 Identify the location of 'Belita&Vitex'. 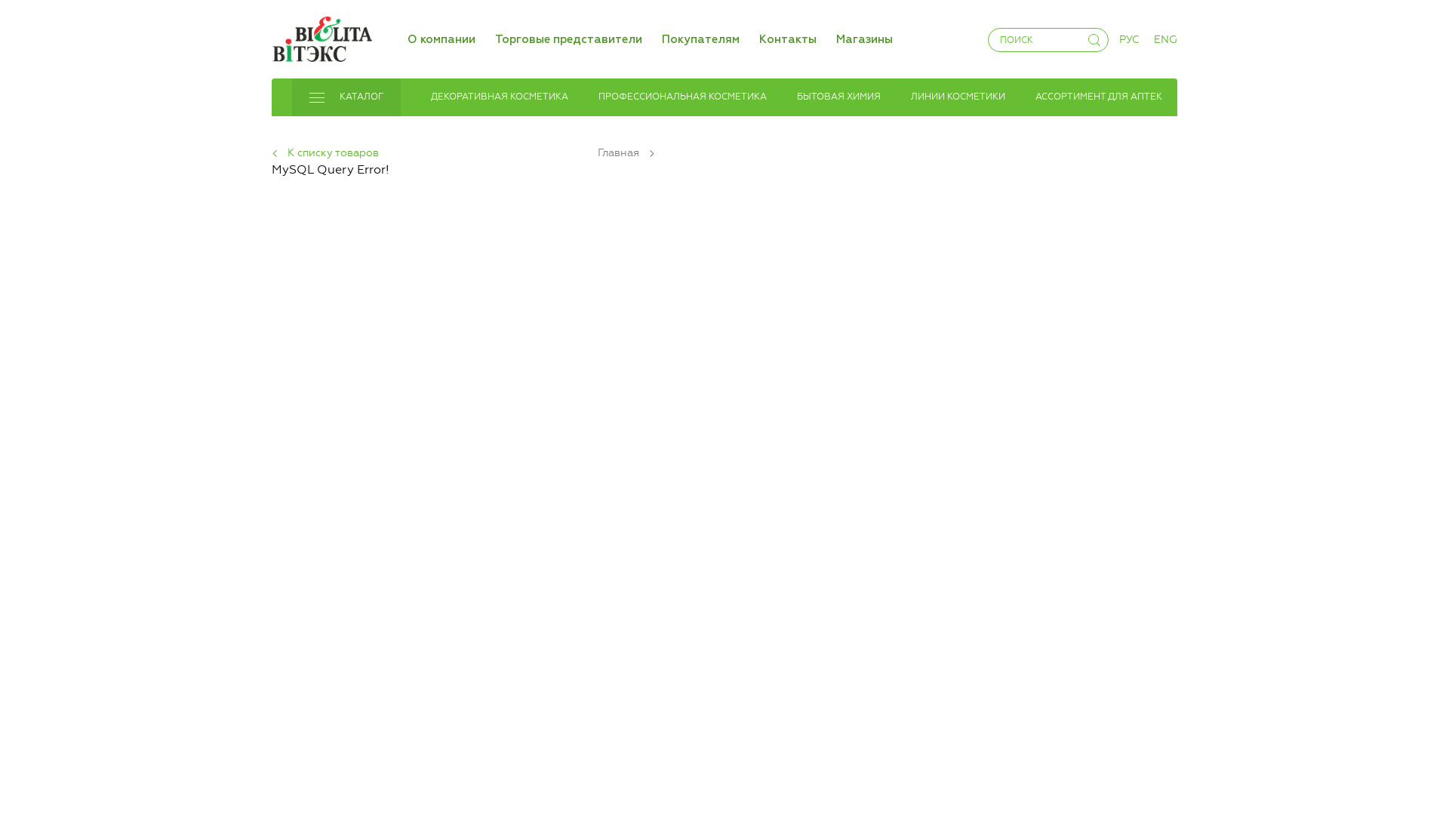
(321, 35).